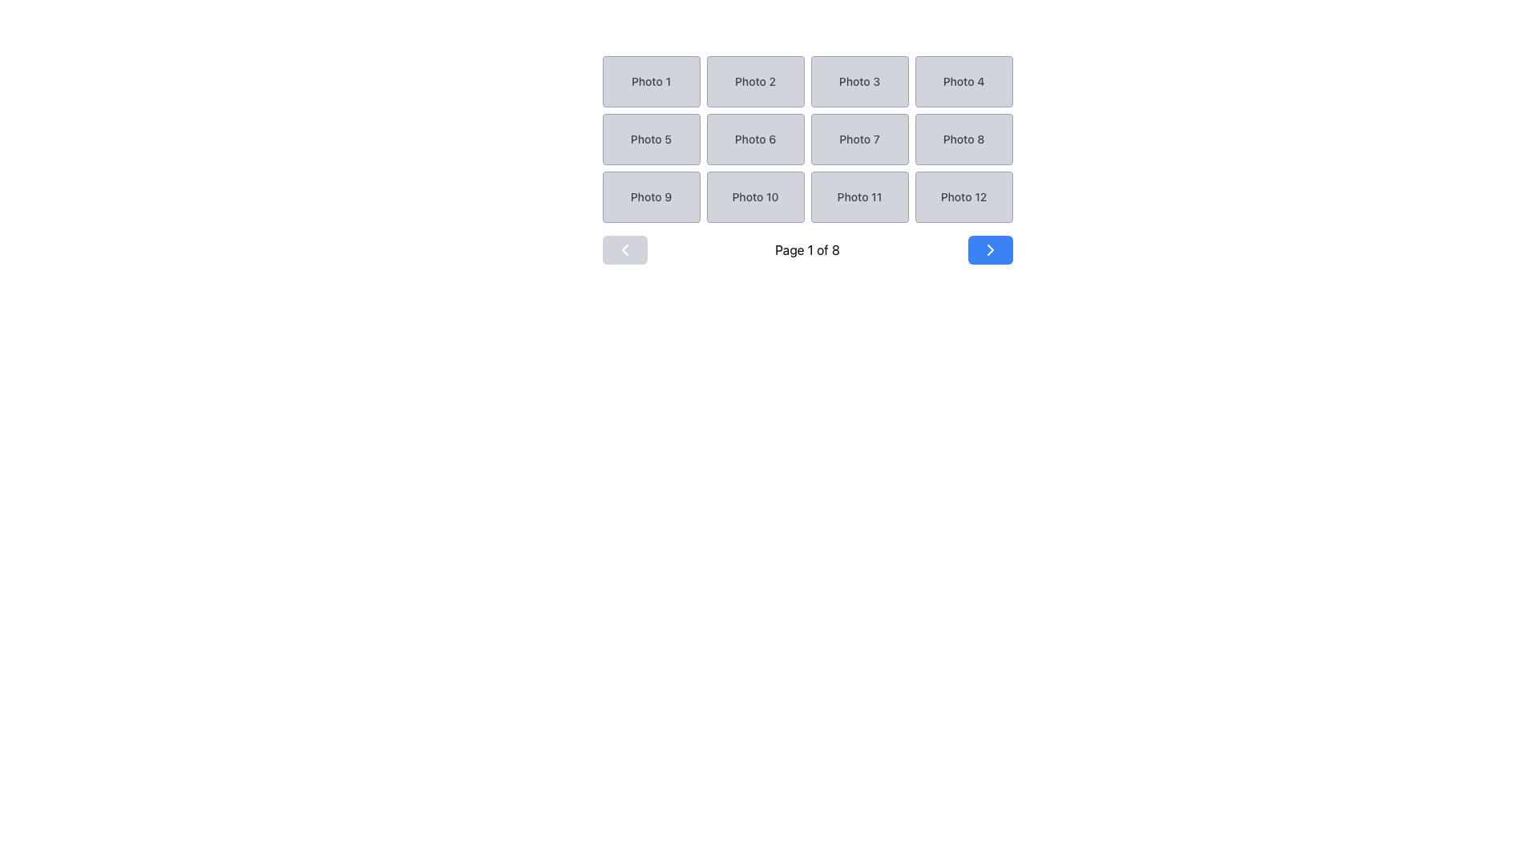 This screenshot has height=866, width=1539. Describe the element at coordinates (651, 81) in the screenshot. I see `the button representing 'Photo 1', located in the upper-left corner of a 4x3 grid layout` at that location.